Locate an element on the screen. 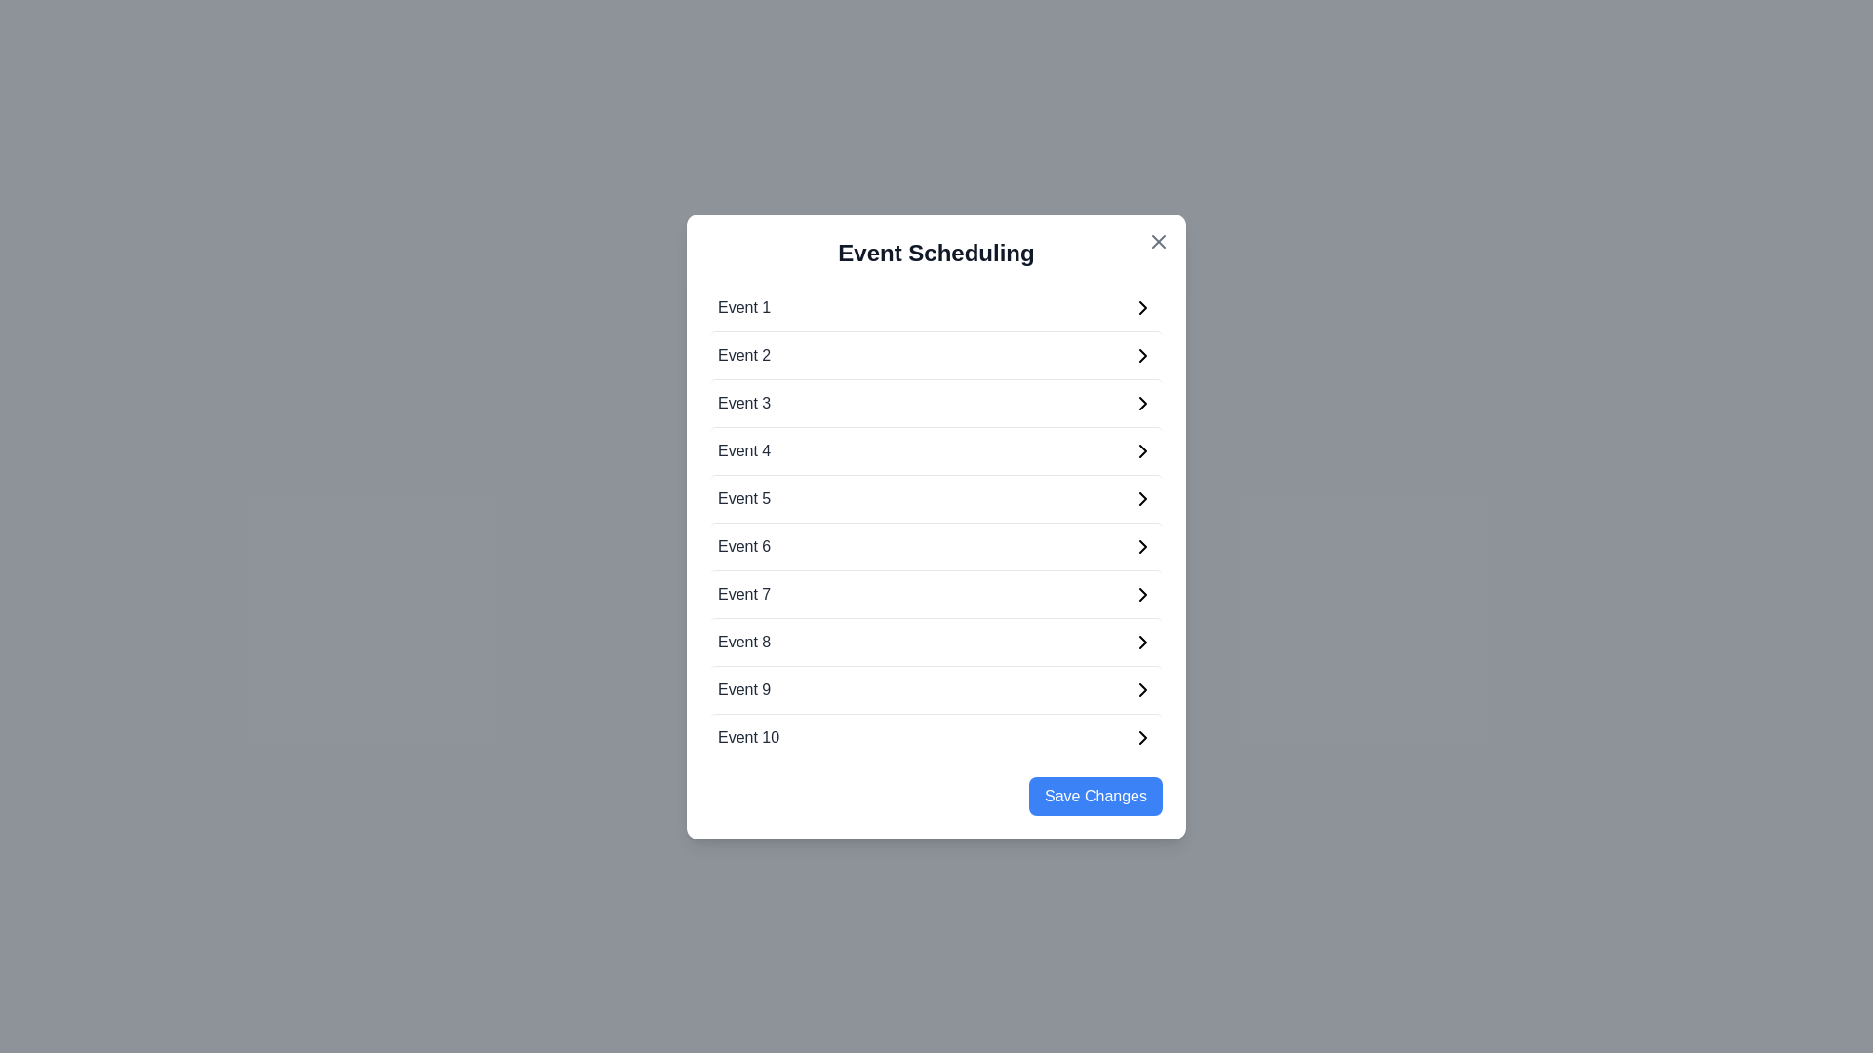 This screenshot has width=1873, height=1053. the close button at the top-right corner of the dialog is located at coordinates (1159, 240).